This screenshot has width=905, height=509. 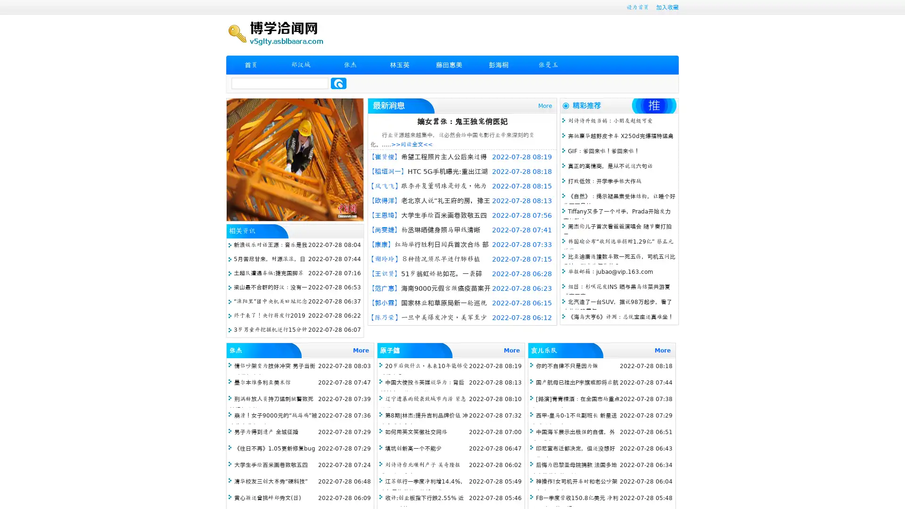 I want to click on Search, so click(x=338, y=83).